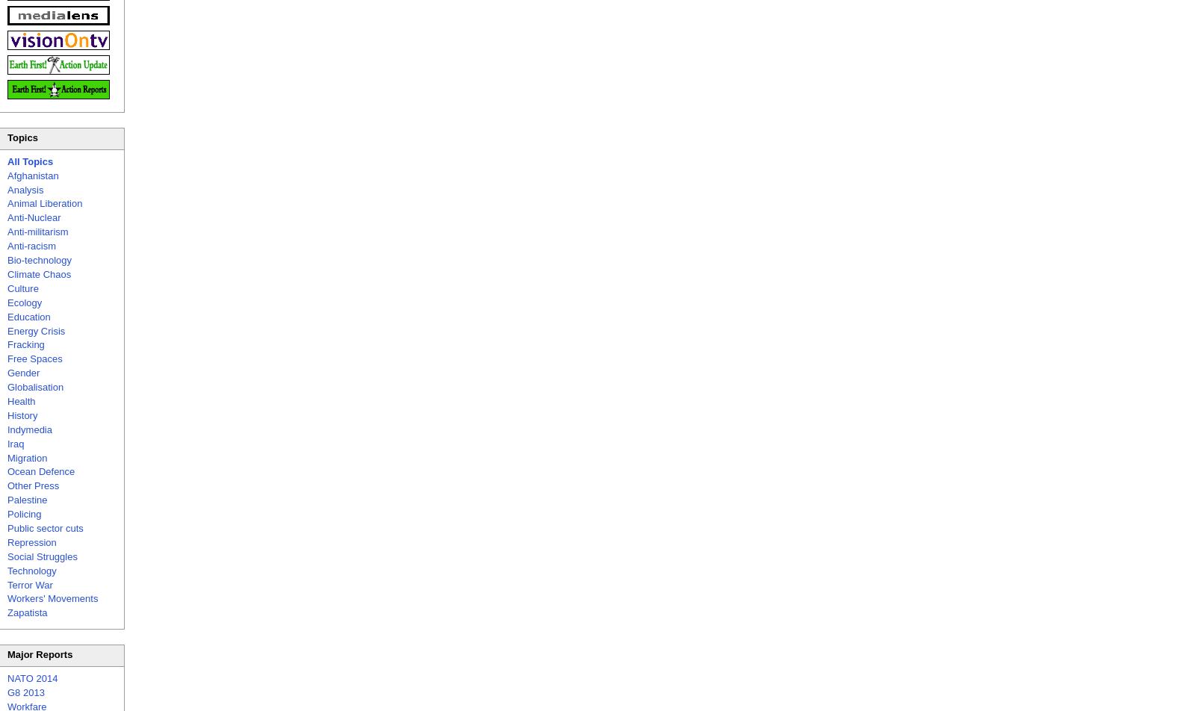 The height and width of the screenshot is (711, 1195). What do you see at coordinates (44, 527) in the screenshot?
I see `'Public sector cuts'` at bounding box center [44, 527].